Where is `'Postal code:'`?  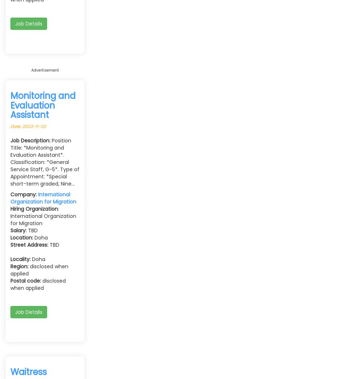 'Postal code:' is located at coordinates (26, 280).